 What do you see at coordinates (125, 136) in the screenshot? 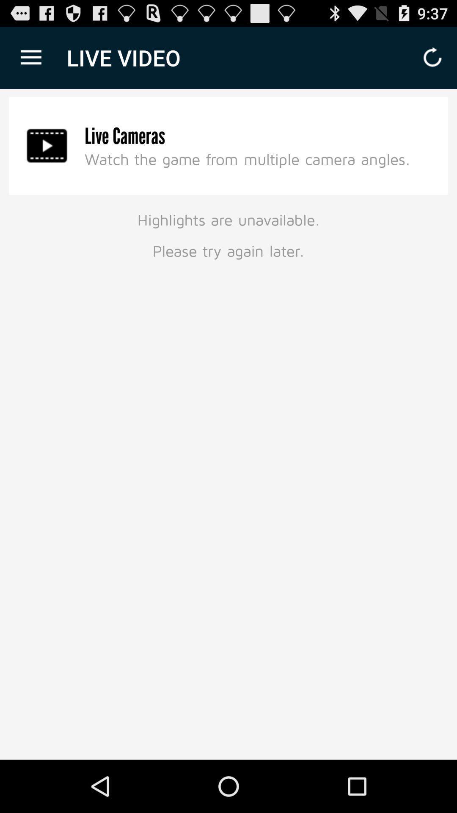
I see `the item below the live video icon` at bounding box center [125, 136].